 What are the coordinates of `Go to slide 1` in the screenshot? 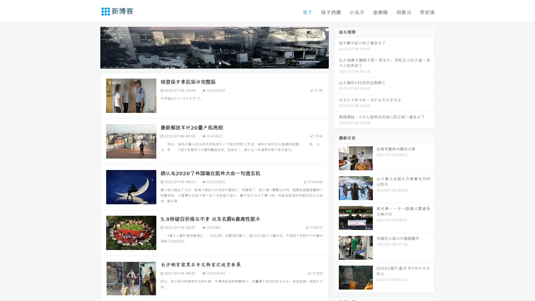 It's located at (208, 63).